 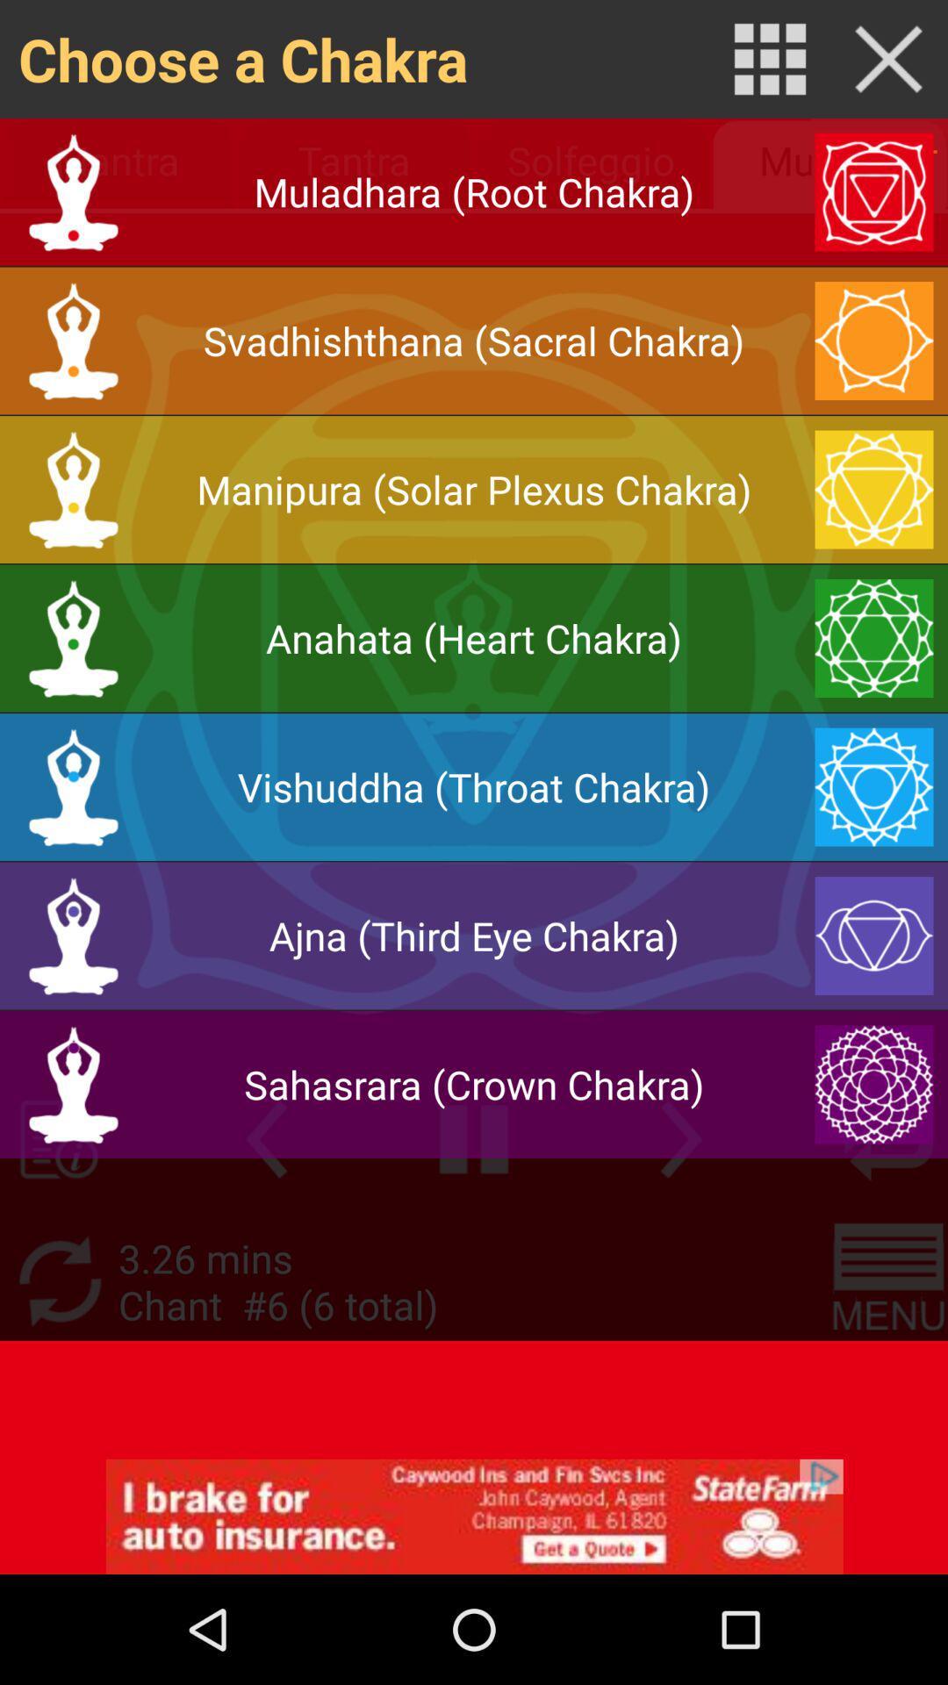 What do you see at coordinates (888, 63) in the screenshot?
I see `the close icon` at bounding box center [888, 63].